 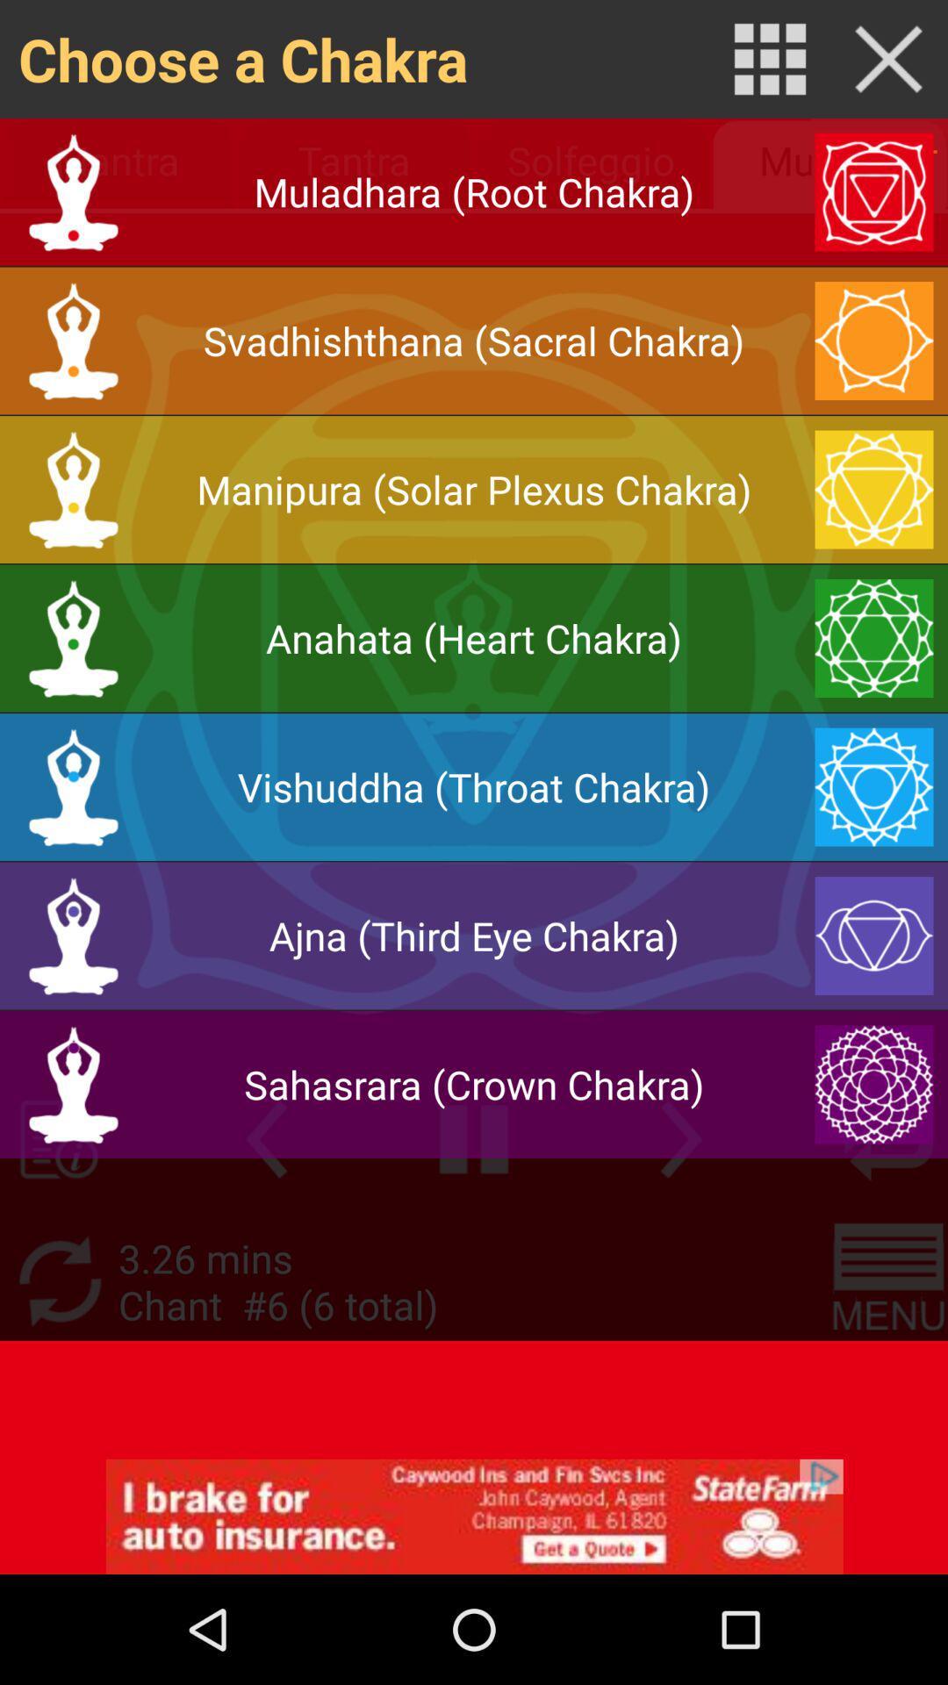 What do you see at coordinates (888, 63) in the screenshot?
I see `the close icon` at bounding box center [888, 63].